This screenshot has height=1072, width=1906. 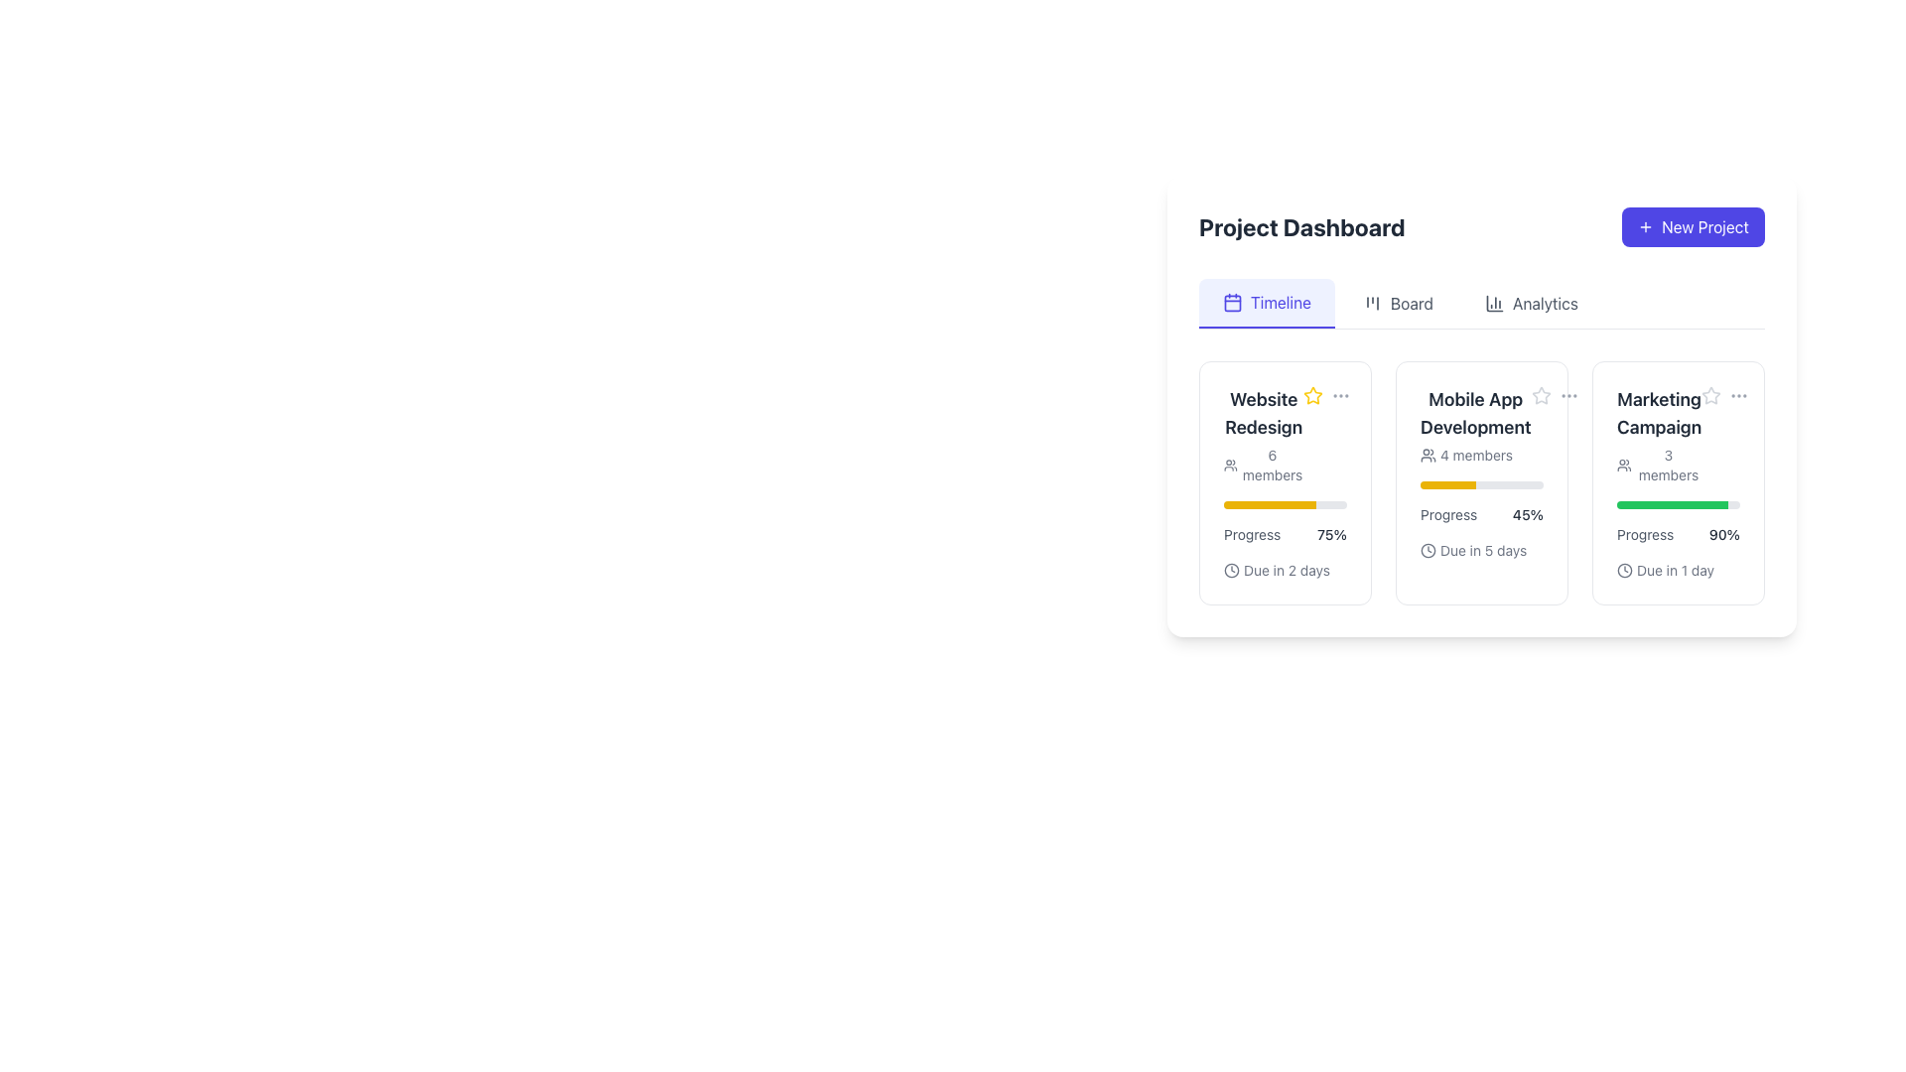 I want to click on the calendar icon representing the 'Timeline' tab, which is the first element in the horizontal tab group at the top-left of the dashboard interface, so click(x=1232, y=302).